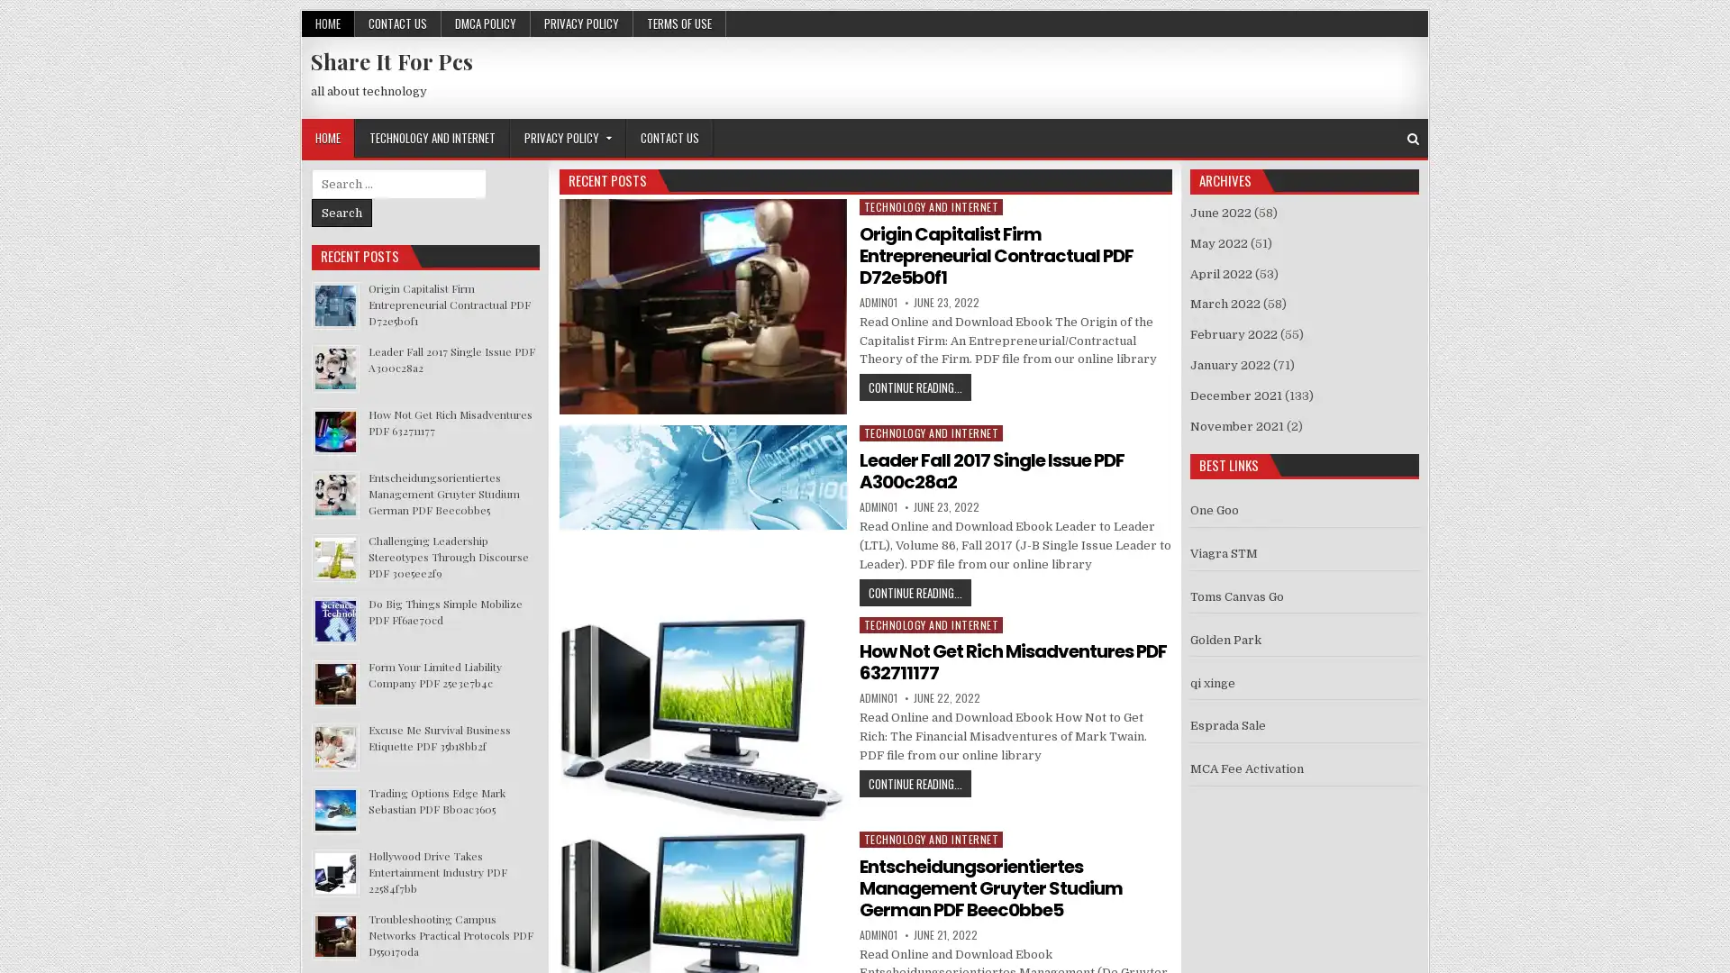 Image resolution: width=1730 pixels, height=973 pixels. What do you see at coordinates (341, 212) in the screenshot?
I see `Search` at bounding box center [341, 212].